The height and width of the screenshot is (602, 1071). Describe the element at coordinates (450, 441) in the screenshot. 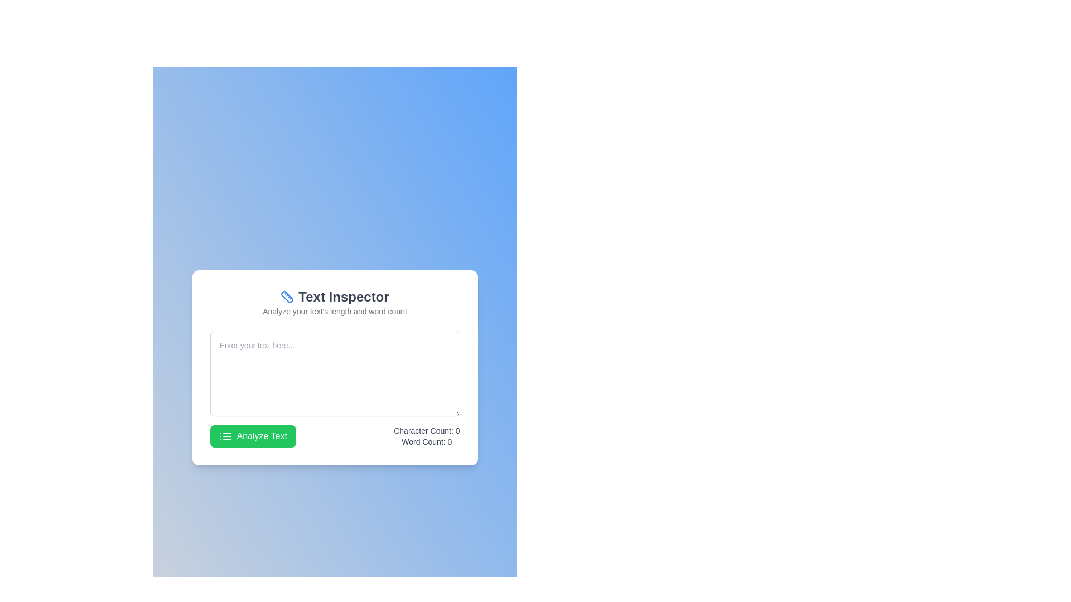

I see `the 'Word Count' label that dynamically displays the current word count, located in the bottom-right corner of the card` at that location.